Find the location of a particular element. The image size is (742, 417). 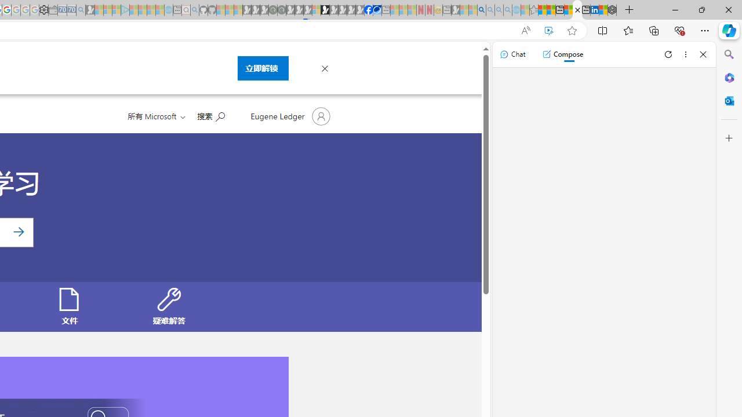

'Close Outlook pane' is located at coordinates (729, 100).